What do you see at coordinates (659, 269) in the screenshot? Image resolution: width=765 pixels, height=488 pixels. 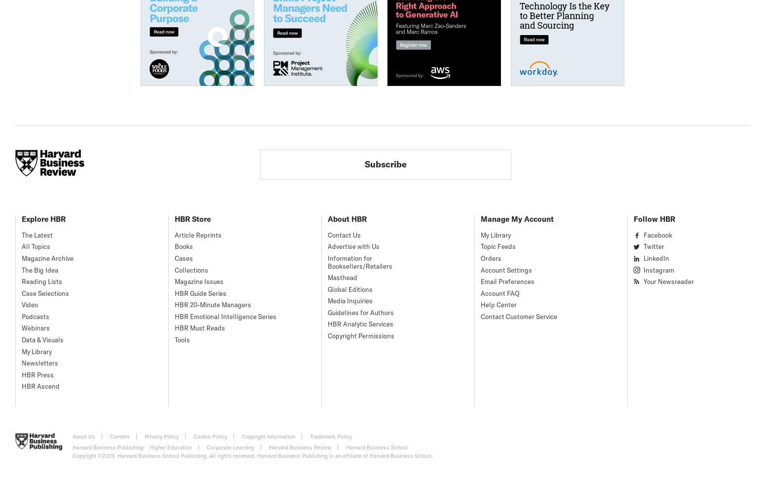 I see `'Instagram'` at bounding box center [659, 269].